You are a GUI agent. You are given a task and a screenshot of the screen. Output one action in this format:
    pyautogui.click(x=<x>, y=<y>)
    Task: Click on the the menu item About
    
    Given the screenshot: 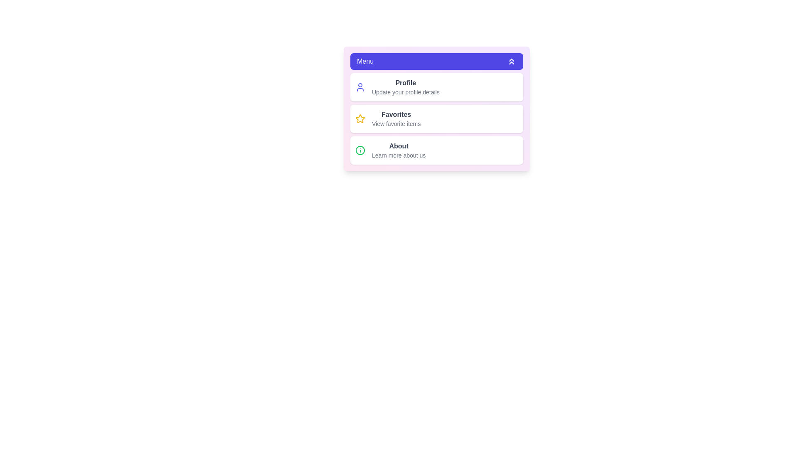 What is the action you would take?
    pyautogui.click(x=436, y=150)
    